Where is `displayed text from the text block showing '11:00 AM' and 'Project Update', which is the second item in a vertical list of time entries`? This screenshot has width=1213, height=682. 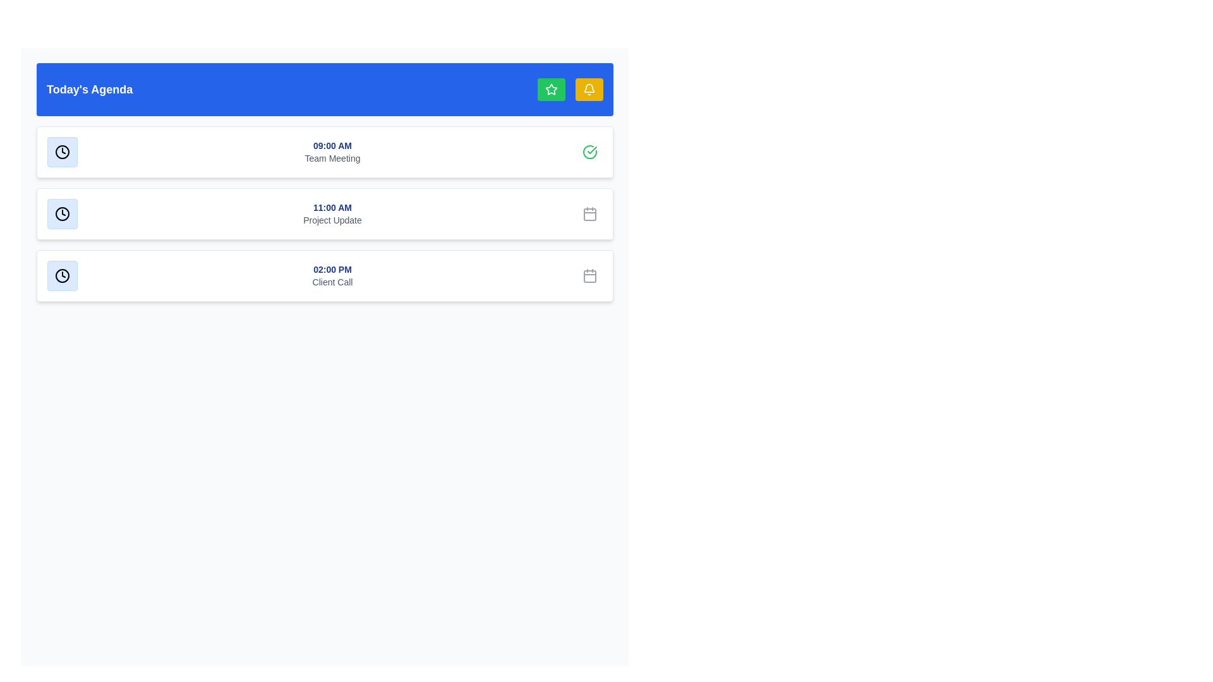
displayed text from the text block showing '11:00 AM' and 'Project Update', which is the second item in a vertical list of time entries is located at coordinates (332, 213).